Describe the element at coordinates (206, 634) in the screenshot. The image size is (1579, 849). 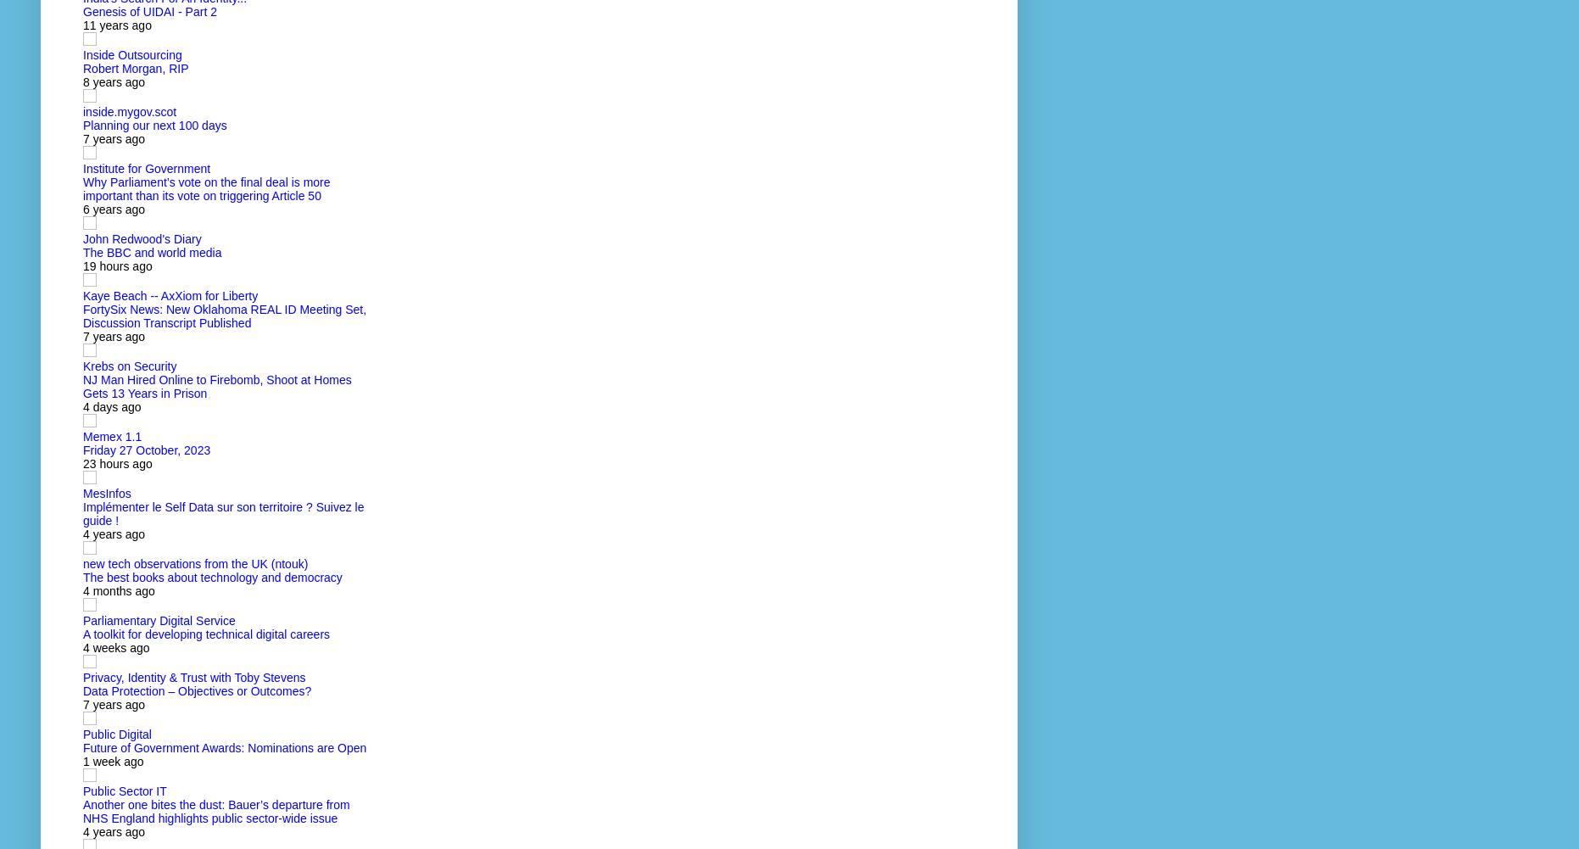
I see `'A toolkit for developing technical digital careers'` at that location.